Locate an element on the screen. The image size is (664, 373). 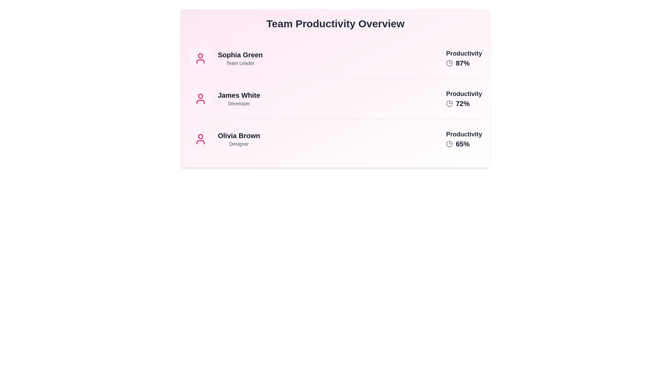
the text label indicating the role of team member 'James White', located below the name in the team productivity overview section is located at coordinates (239, 104).